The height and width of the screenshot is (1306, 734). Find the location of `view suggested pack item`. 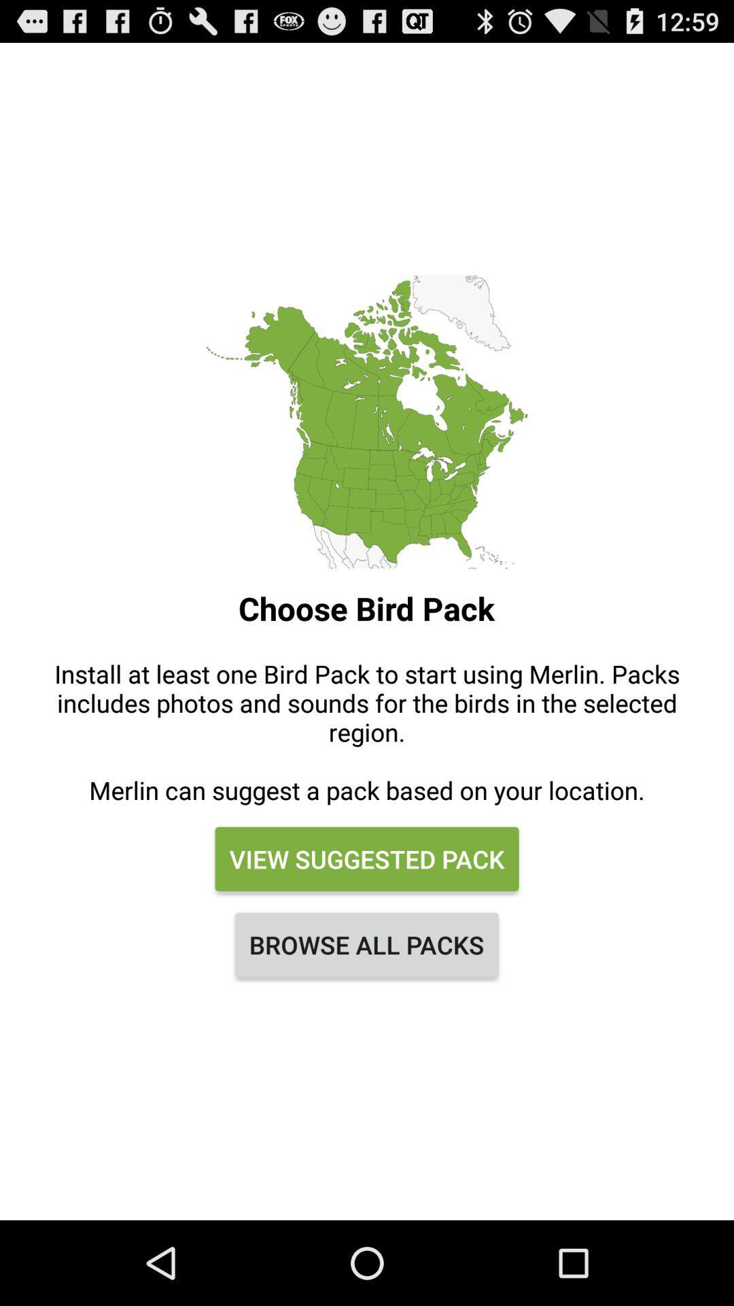

view suggested pack item is located at coordinates (367, 858).